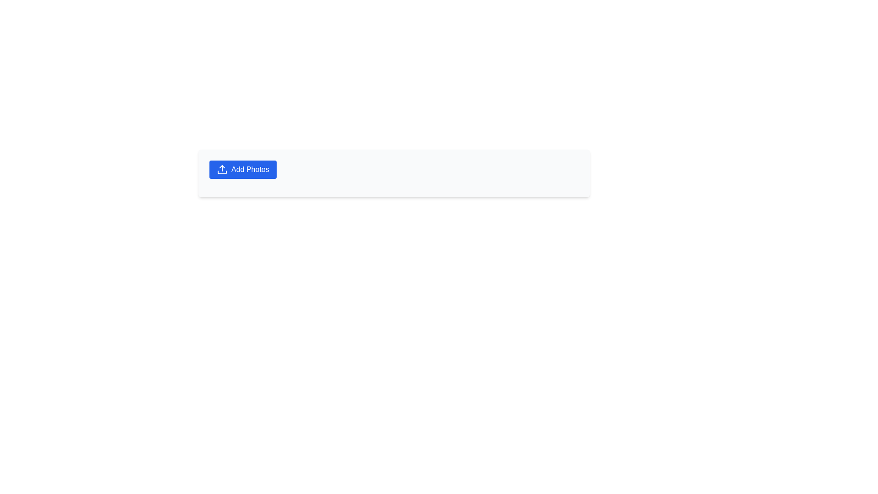 The image size is (878, 494). Describe the element at coordinates (222, 169) in the screenshot. I see `the icon positioned on the left side of the blue button labeled 'Add Photos' to select it` at that location.